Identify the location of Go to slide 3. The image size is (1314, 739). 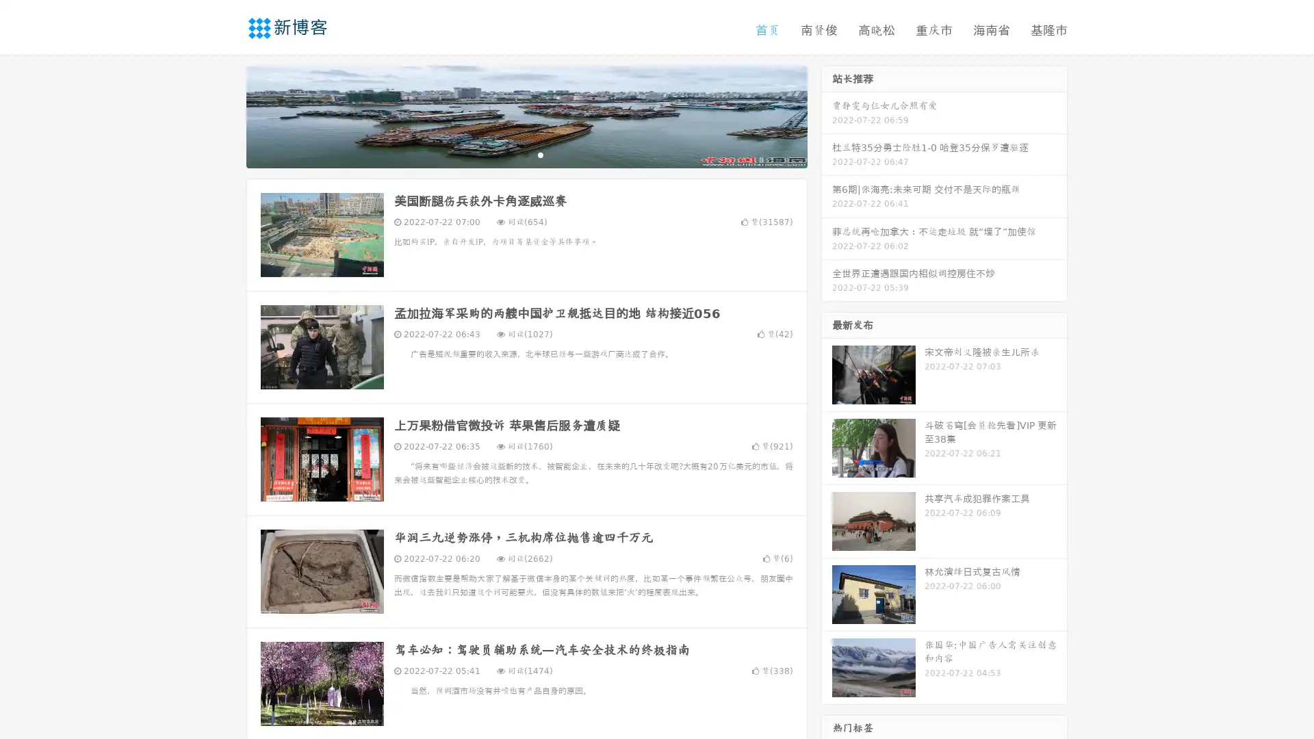
(540, 154).